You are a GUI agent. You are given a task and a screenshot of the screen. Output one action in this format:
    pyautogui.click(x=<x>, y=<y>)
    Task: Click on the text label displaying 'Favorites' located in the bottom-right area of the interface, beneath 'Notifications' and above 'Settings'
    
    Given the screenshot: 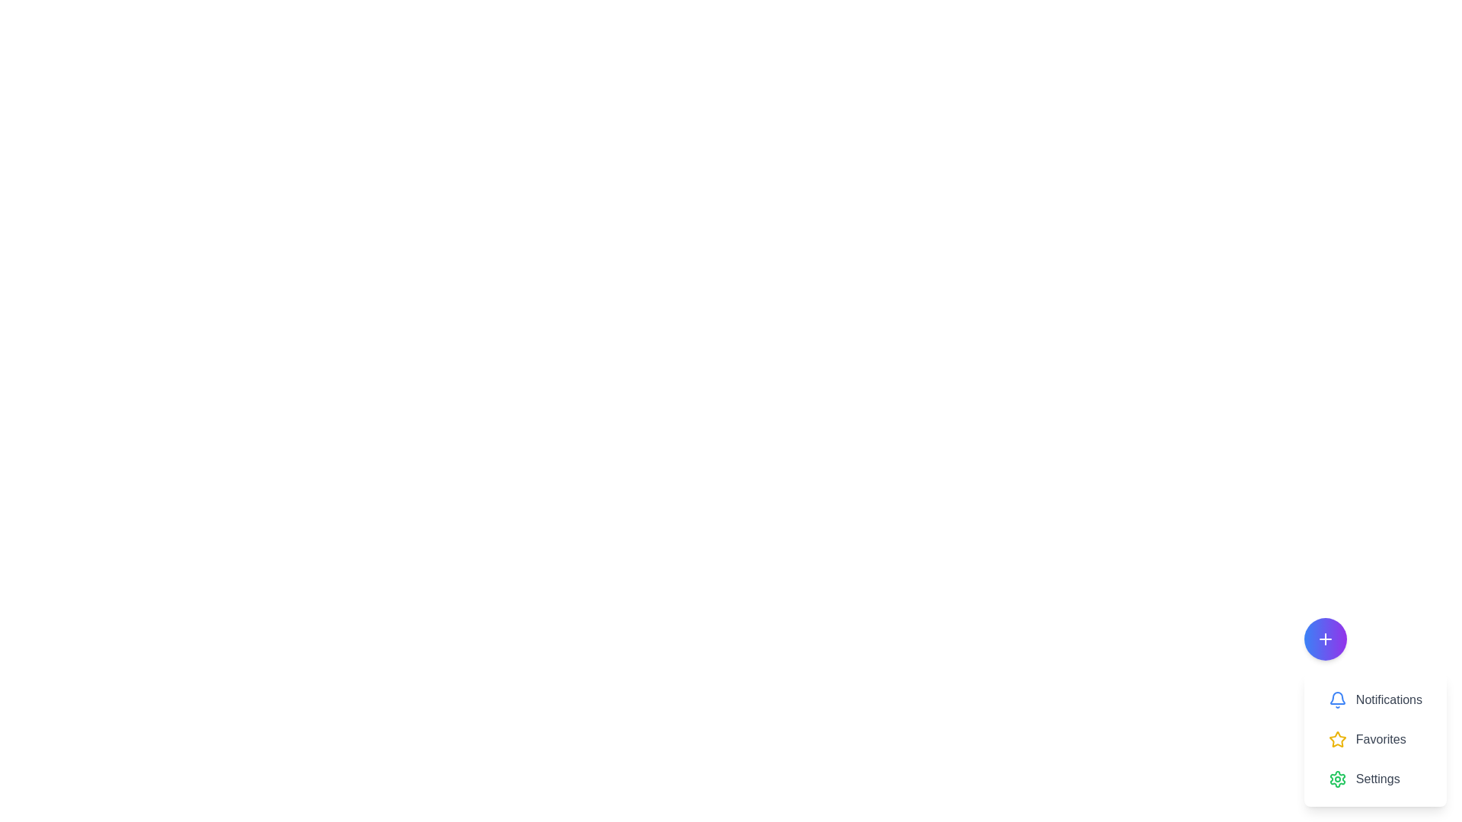 What is the action you would take?
    pyautogui.click(x=1381, y=739)
    